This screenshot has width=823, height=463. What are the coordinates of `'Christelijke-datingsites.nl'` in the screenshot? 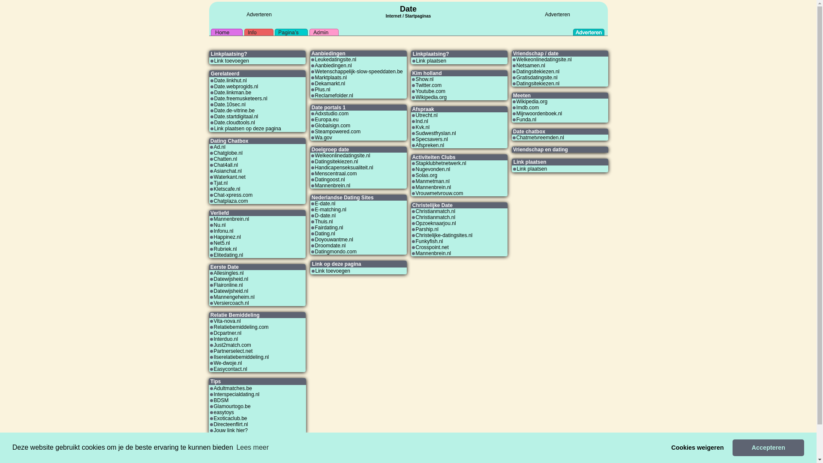 It's located at (444, 235).